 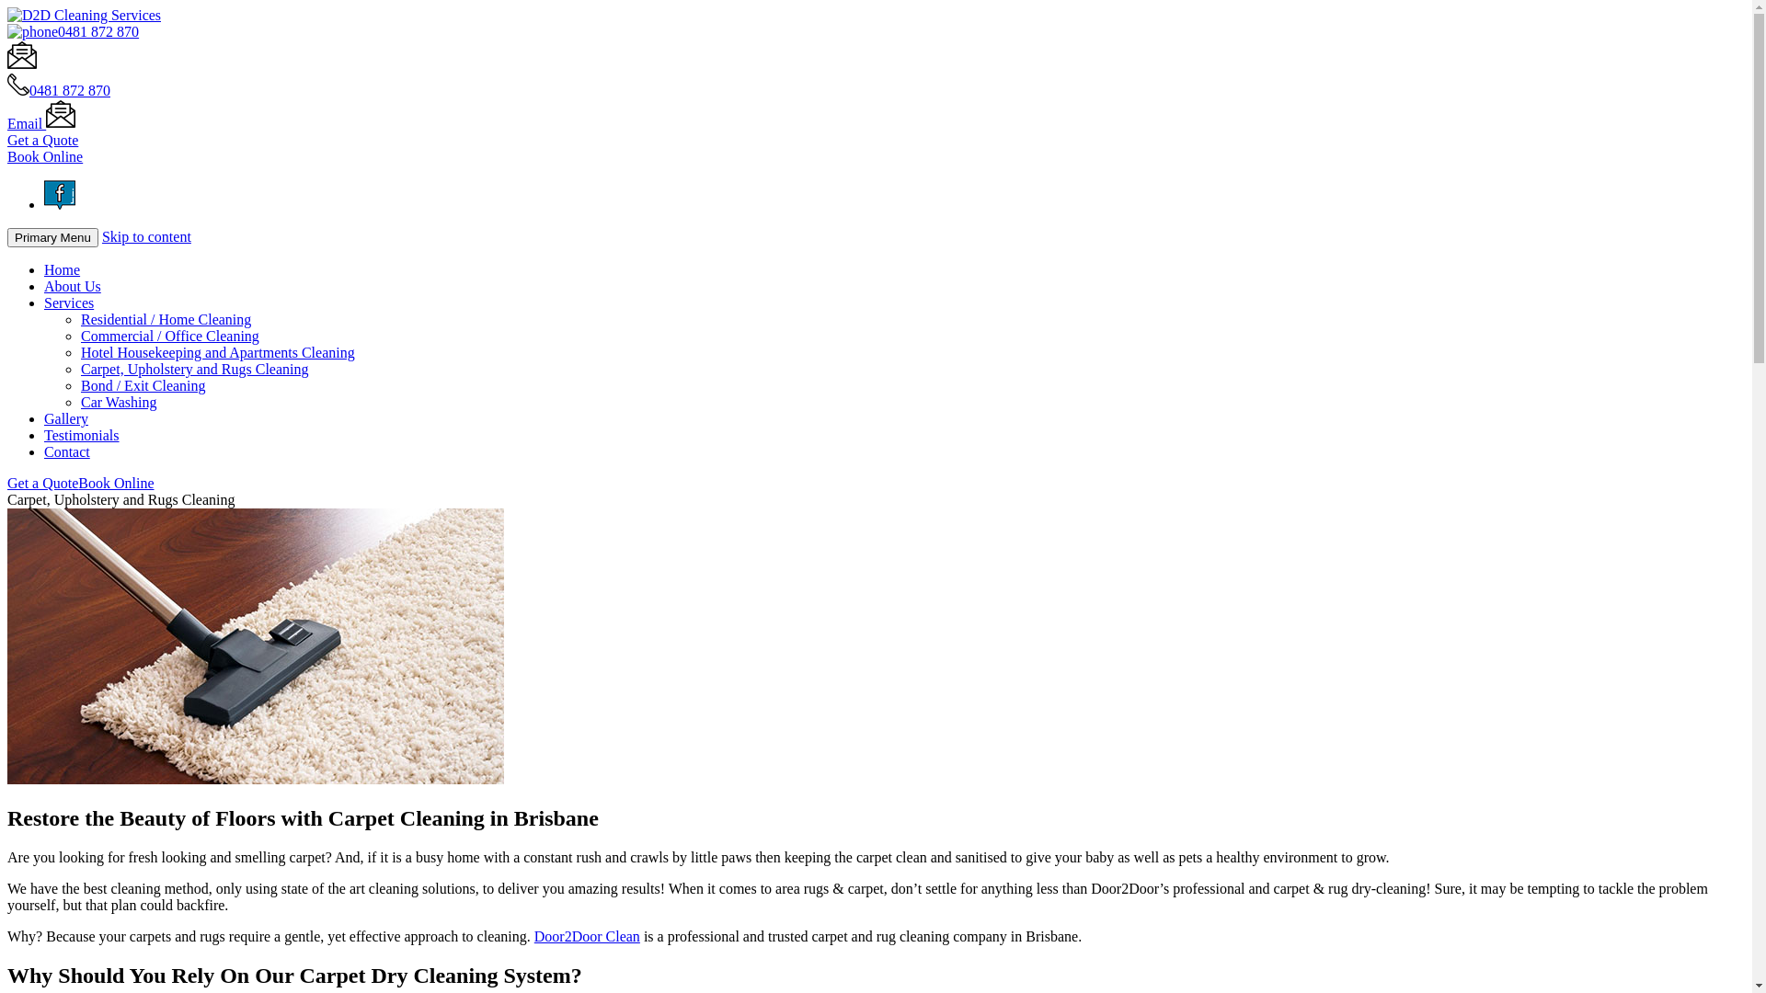 I want to click on 'Residential / Home Cleaning', so click(x=166, y=318).